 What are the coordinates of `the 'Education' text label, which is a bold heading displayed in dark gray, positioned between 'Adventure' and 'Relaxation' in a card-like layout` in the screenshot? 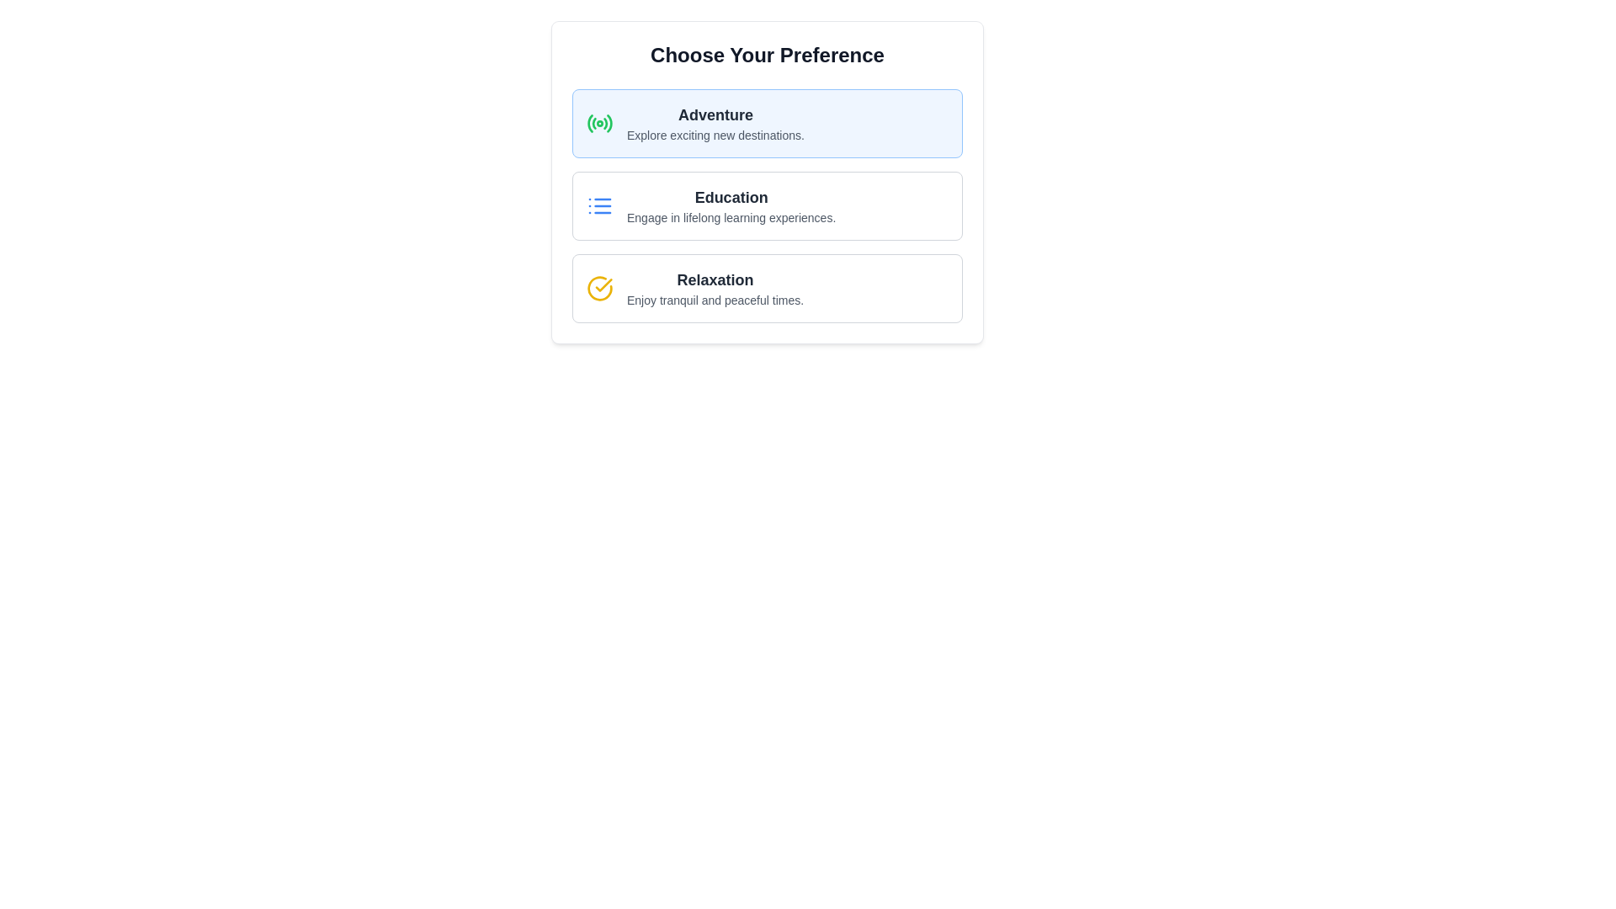 It's located at (731, 197).